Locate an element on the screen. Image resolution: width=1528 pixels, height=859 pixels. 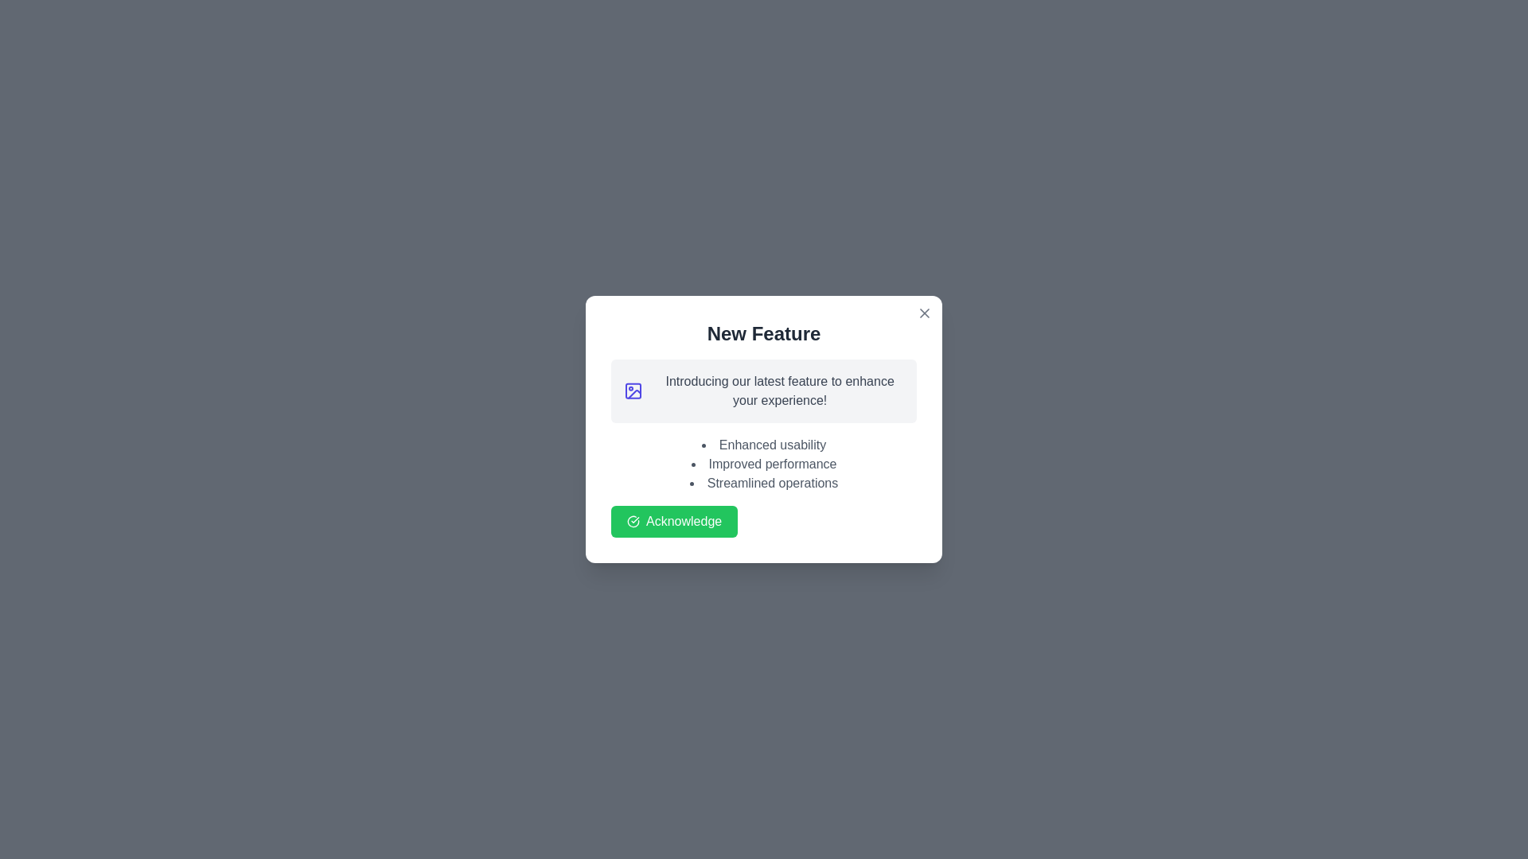
the central button located below the bulleted list of feature benefits and to the right of the 'Acknowledge' button is located at coordinates (792, 508).